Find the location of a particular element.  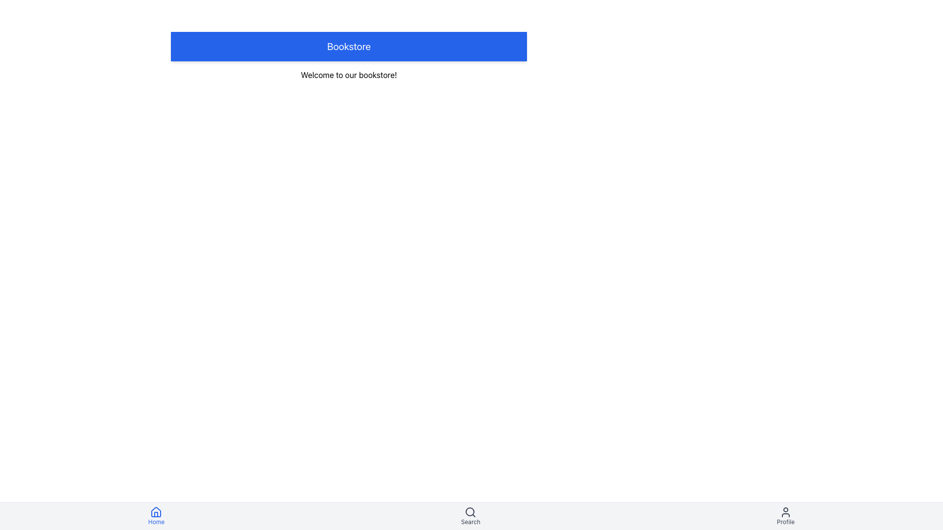

the 'Search' button, which is a combination of a magnifying glass icon and the label 'Search', located in the middle of the bottom navigation bar is located at coordinates (470, 516).